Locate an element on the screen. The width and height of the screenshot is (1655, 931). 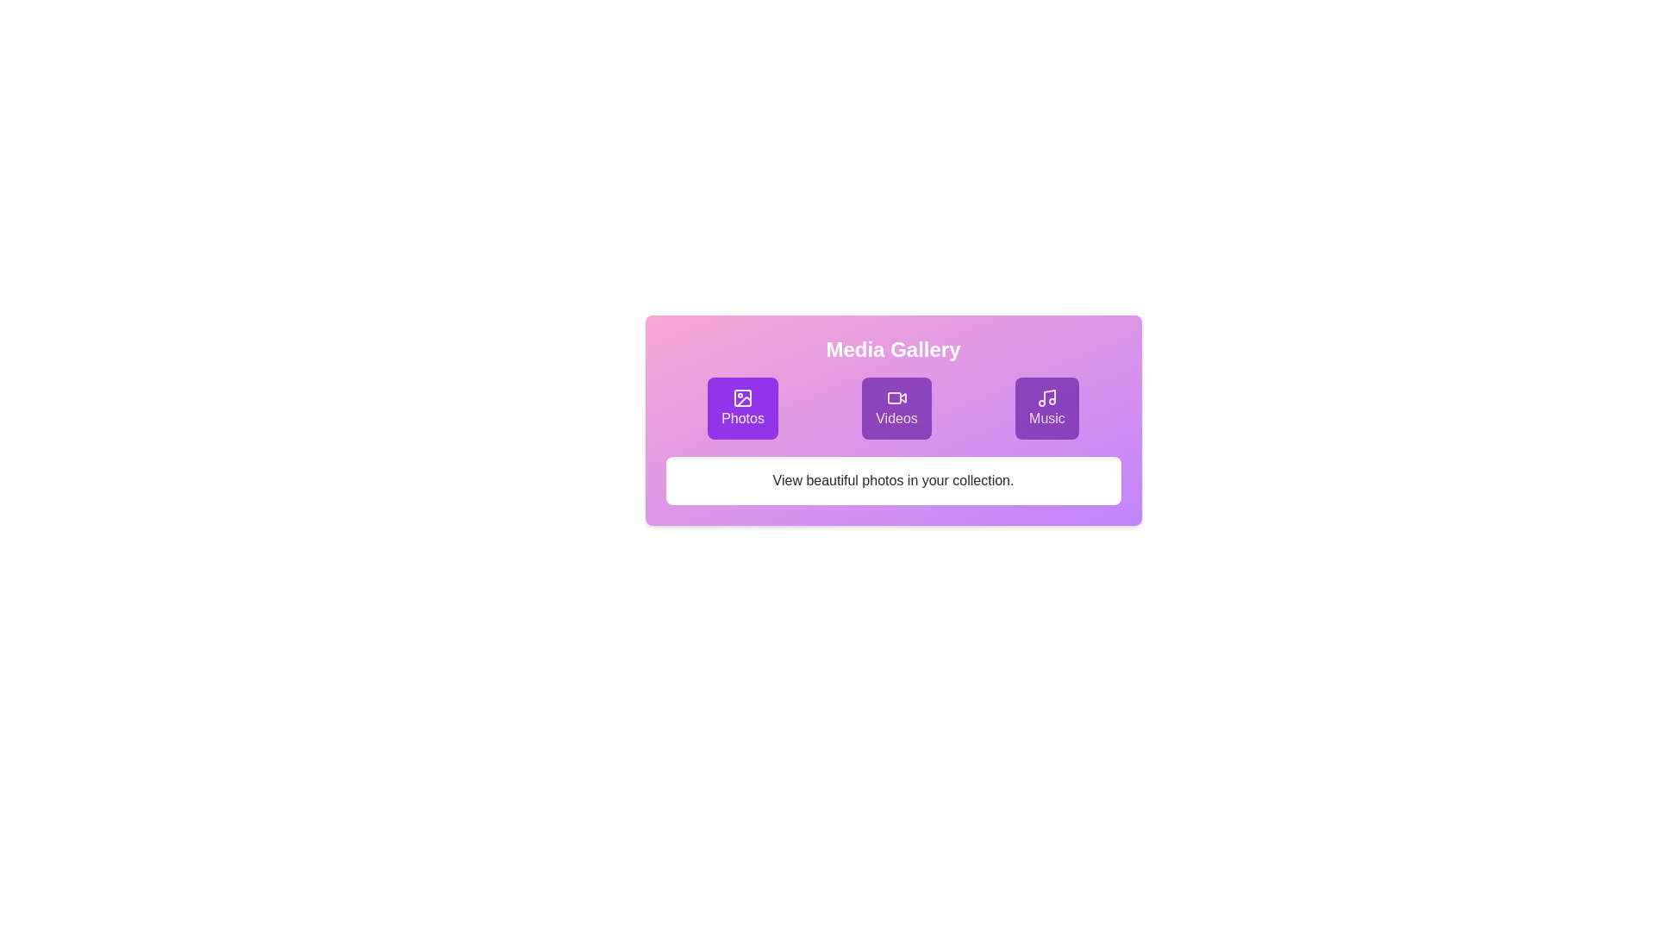
the Music tab in the Media Gallery is located at coordinates (1046, 409).